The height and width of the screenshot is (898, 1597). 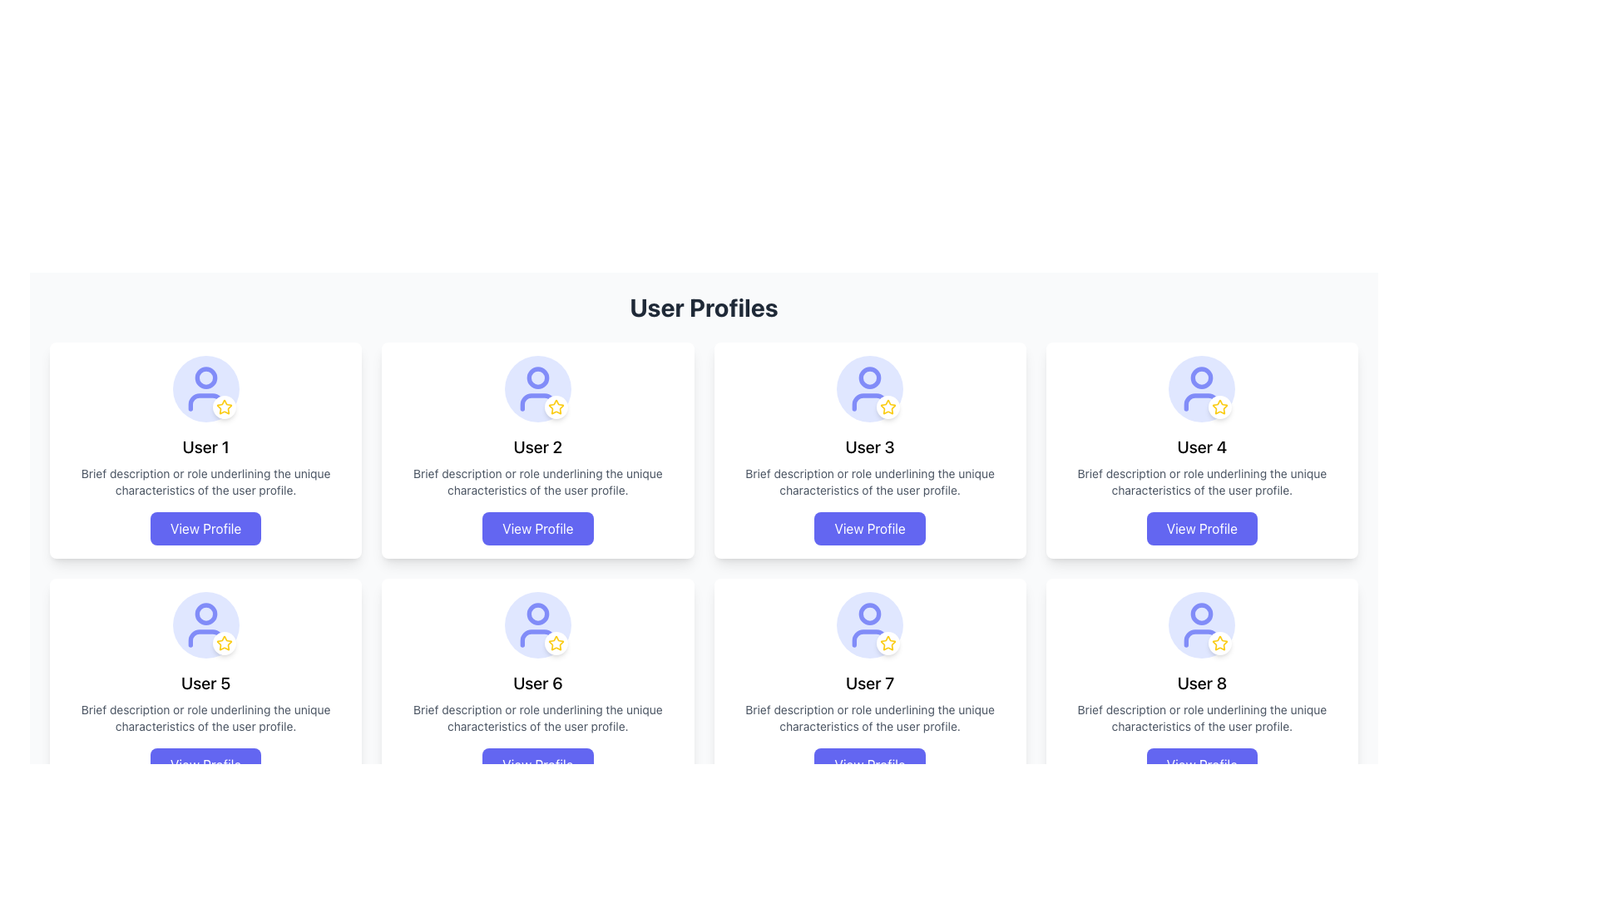 I want to click on the star icon representing the rating or favorite indicator for 'User 8' located, so click(x=1220, y=642).